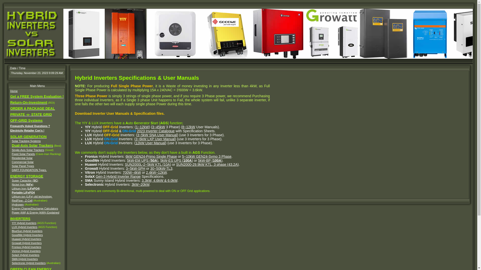 The height and width of the screenshot is (270, 481). Describe the element at coordinates (12, 231) in the screenshot. I see `'BlueSun Hybrid Inverters'` at that location.